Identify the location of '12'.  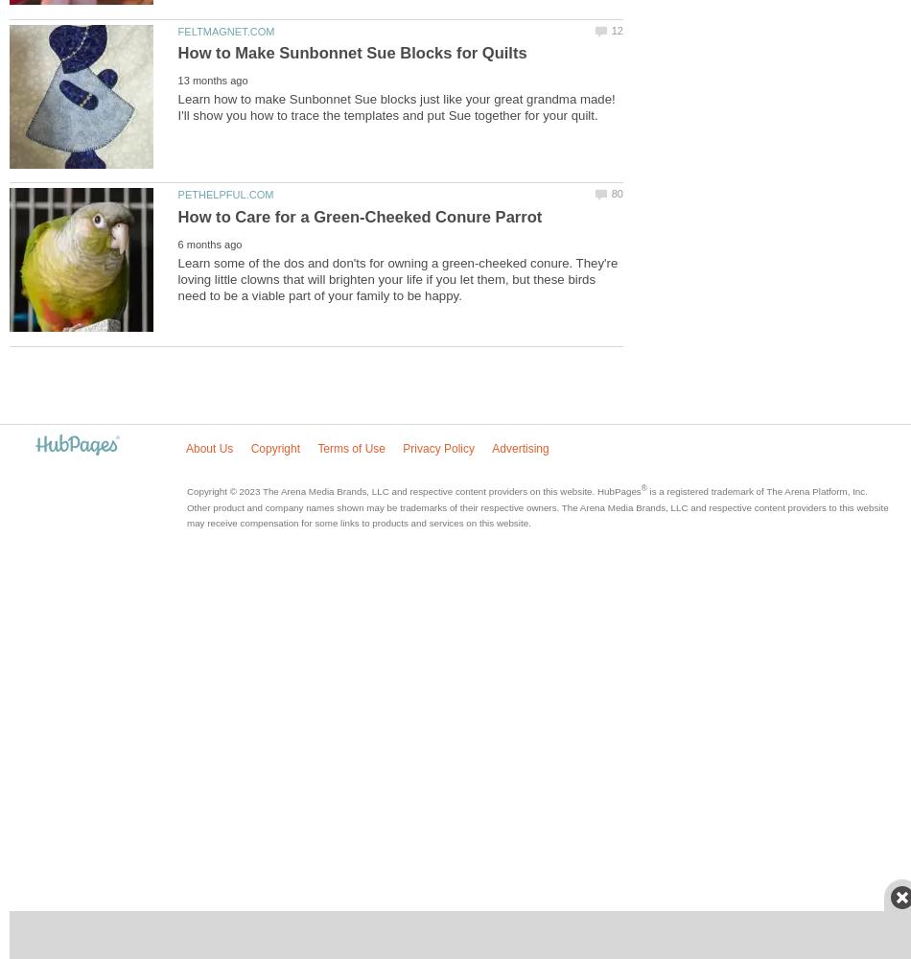
(617, 30).